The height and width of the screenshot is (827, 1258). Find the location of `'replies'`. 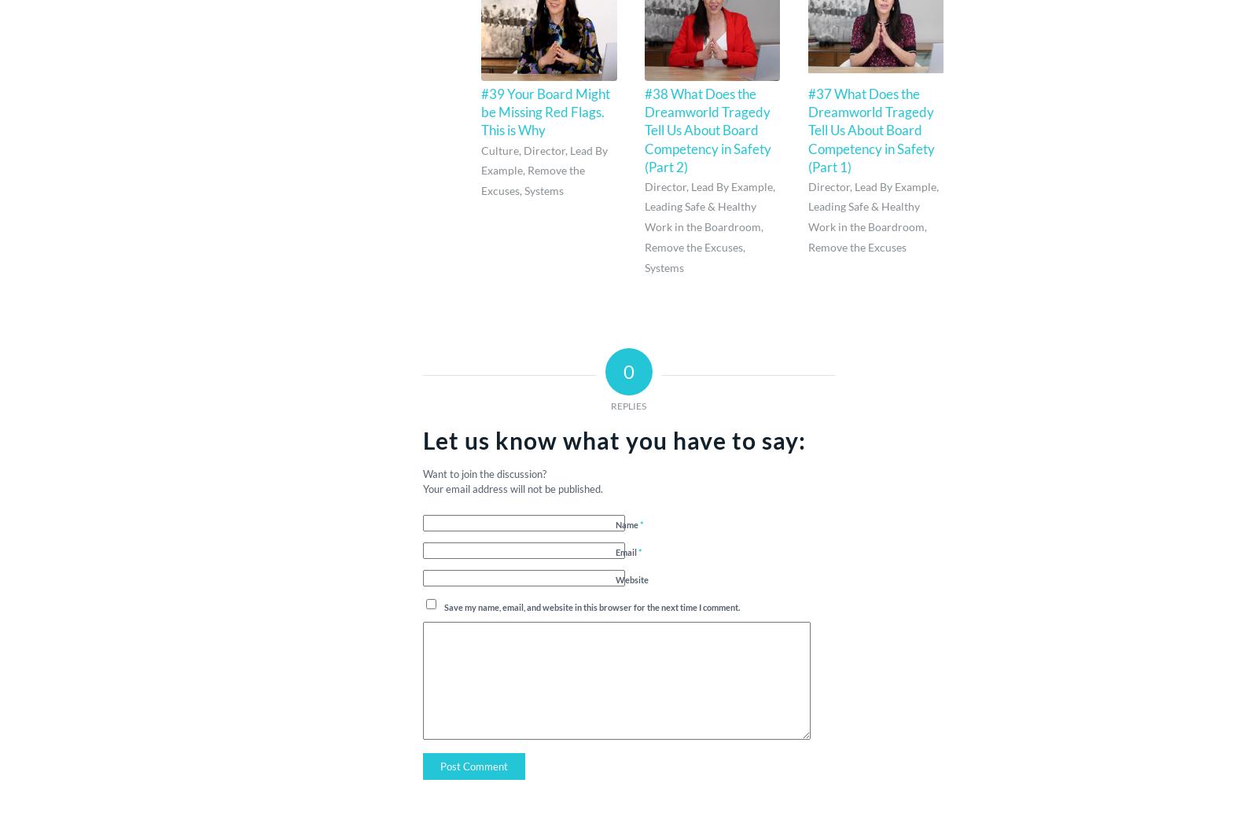

'replies' is located at coordinates (628, 405).